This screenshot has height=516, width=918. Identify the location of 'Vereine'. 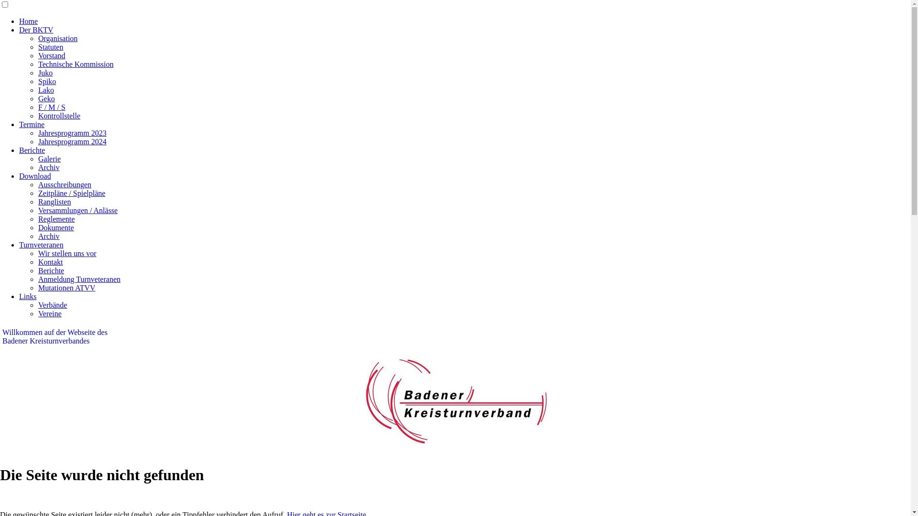
(49, 313).